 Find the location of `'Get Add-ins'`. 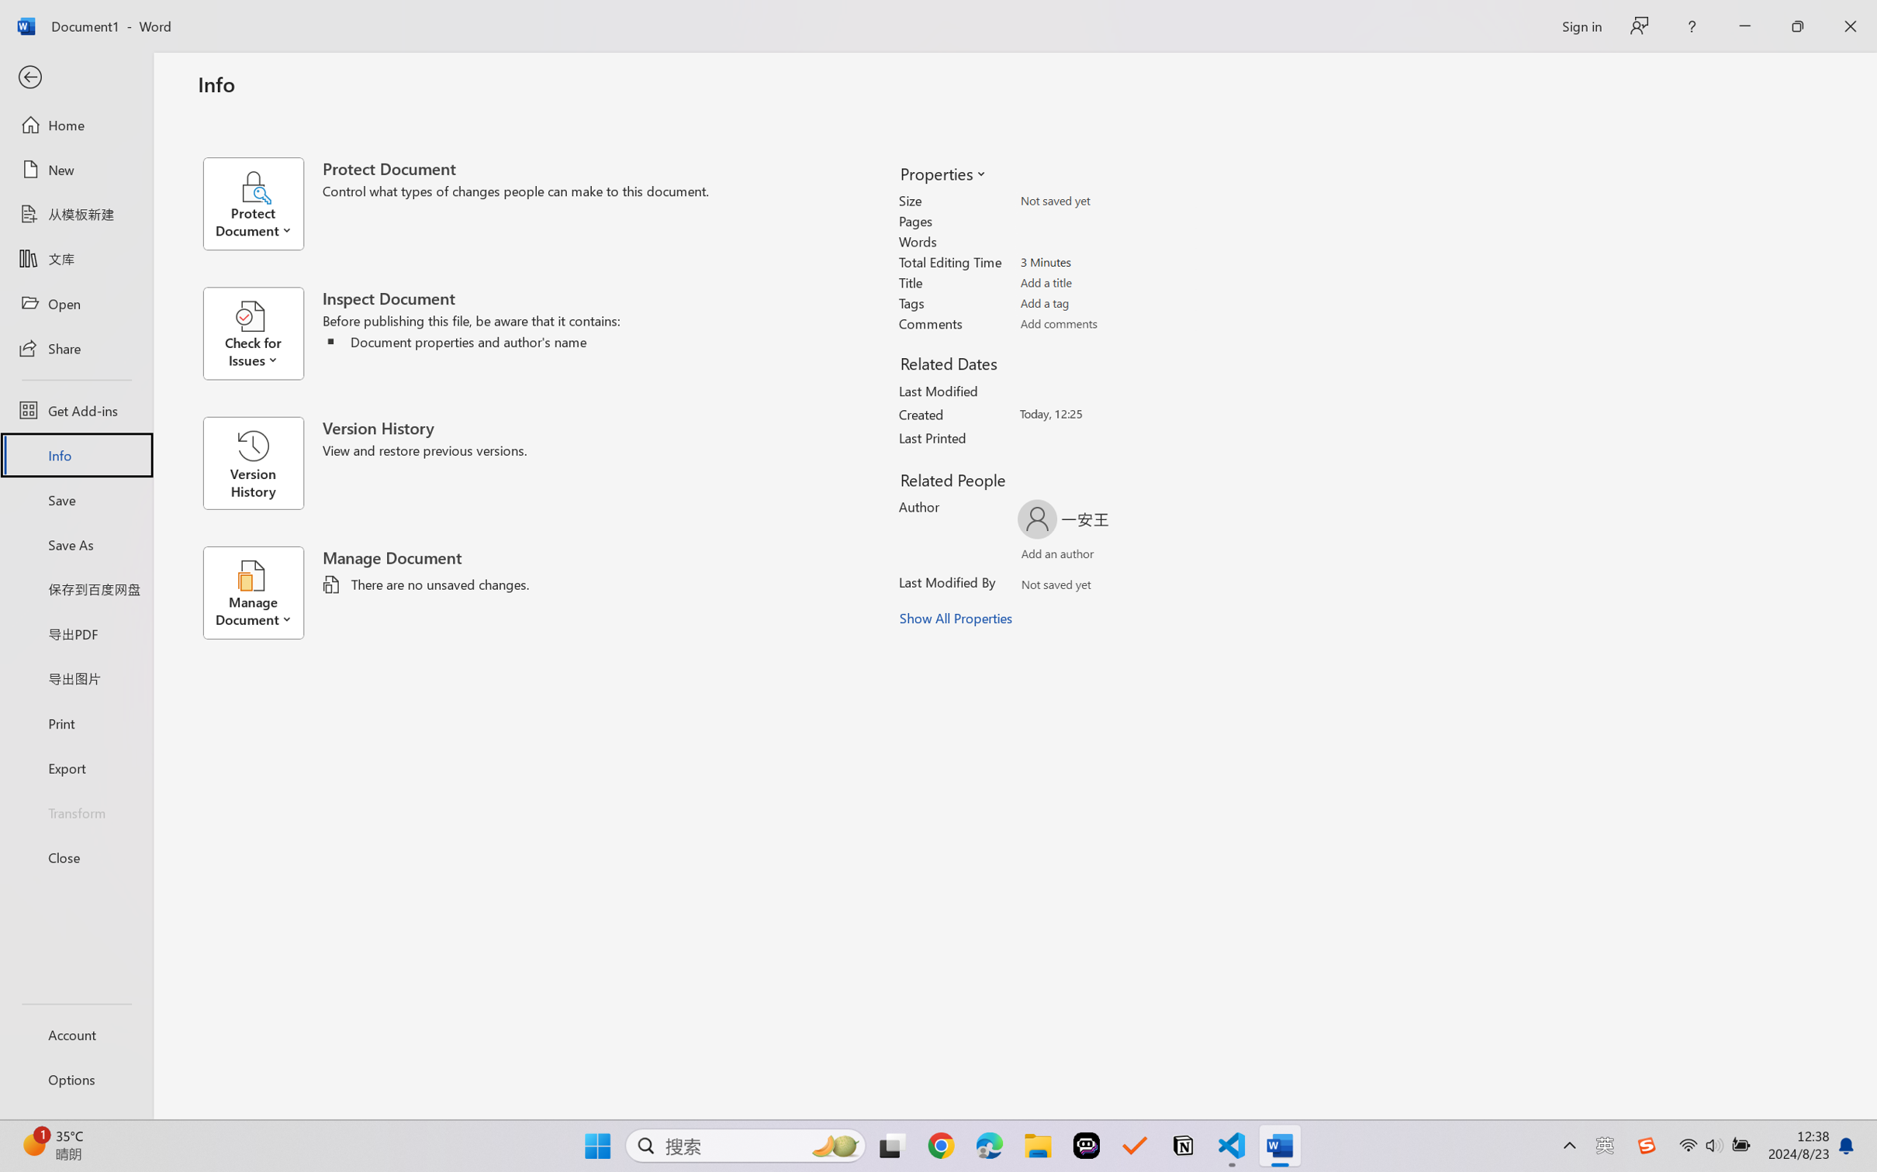

'Get Add-ins' is located at coordinates (75, 409).